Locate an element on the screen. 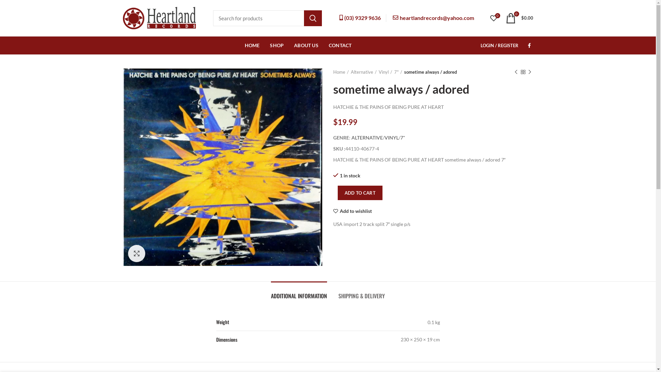 The width and height of the screenshot is (661, 372). 'CONTACT' is located at coordinates (340, 45).